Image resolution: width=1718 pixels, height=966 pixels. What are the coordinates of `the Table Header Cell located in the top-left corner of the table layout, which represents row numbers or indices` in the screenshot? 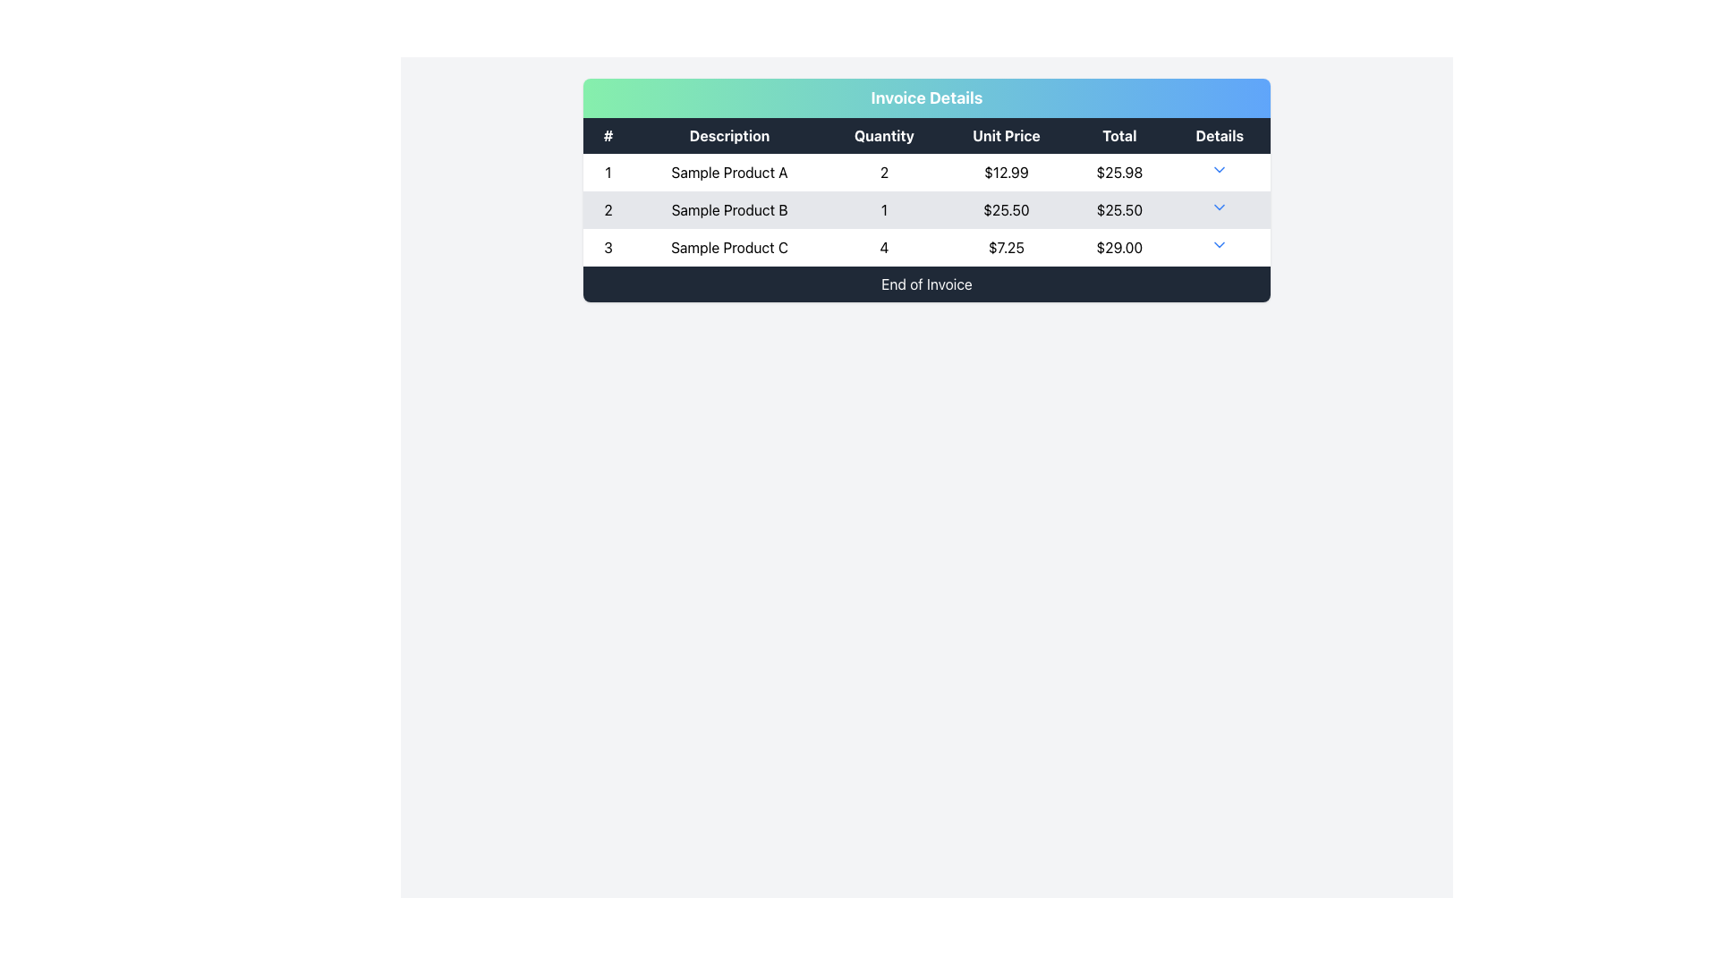 It's located at (608, 134).